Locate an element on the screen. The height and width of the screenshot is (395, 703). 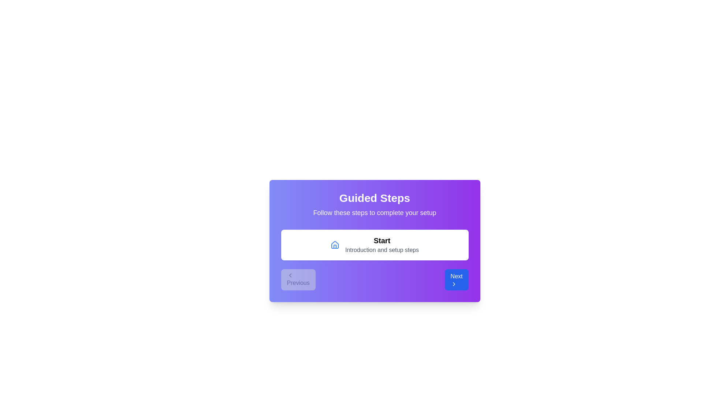
the house-shaped icon with a blue line art style, which is positioned centrally above the 'Start' label in the guided steps interface is located at coordinates (335, 245).